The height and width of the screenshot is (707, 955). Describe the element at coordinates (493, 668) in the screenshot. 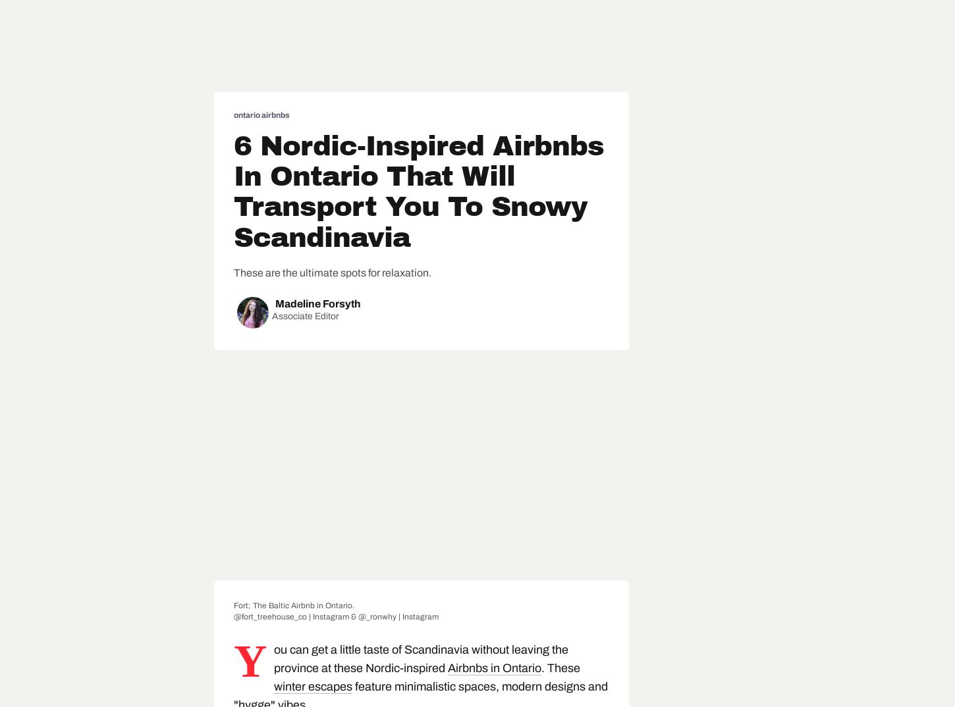

I see `'Airbnbs in Ontario'` at that location.